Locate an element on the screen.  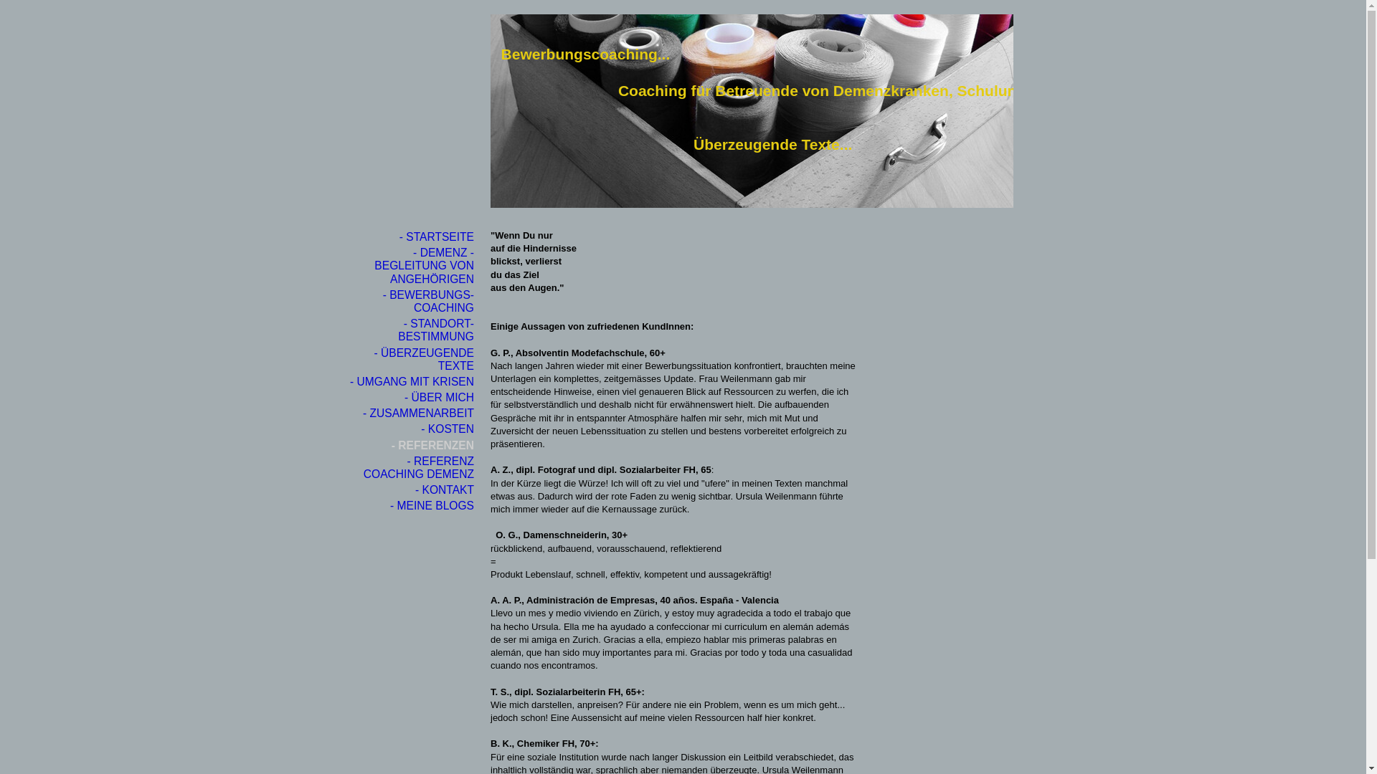
'- ZUSAMMENARBEIT' is located at coordinates (412, 414).